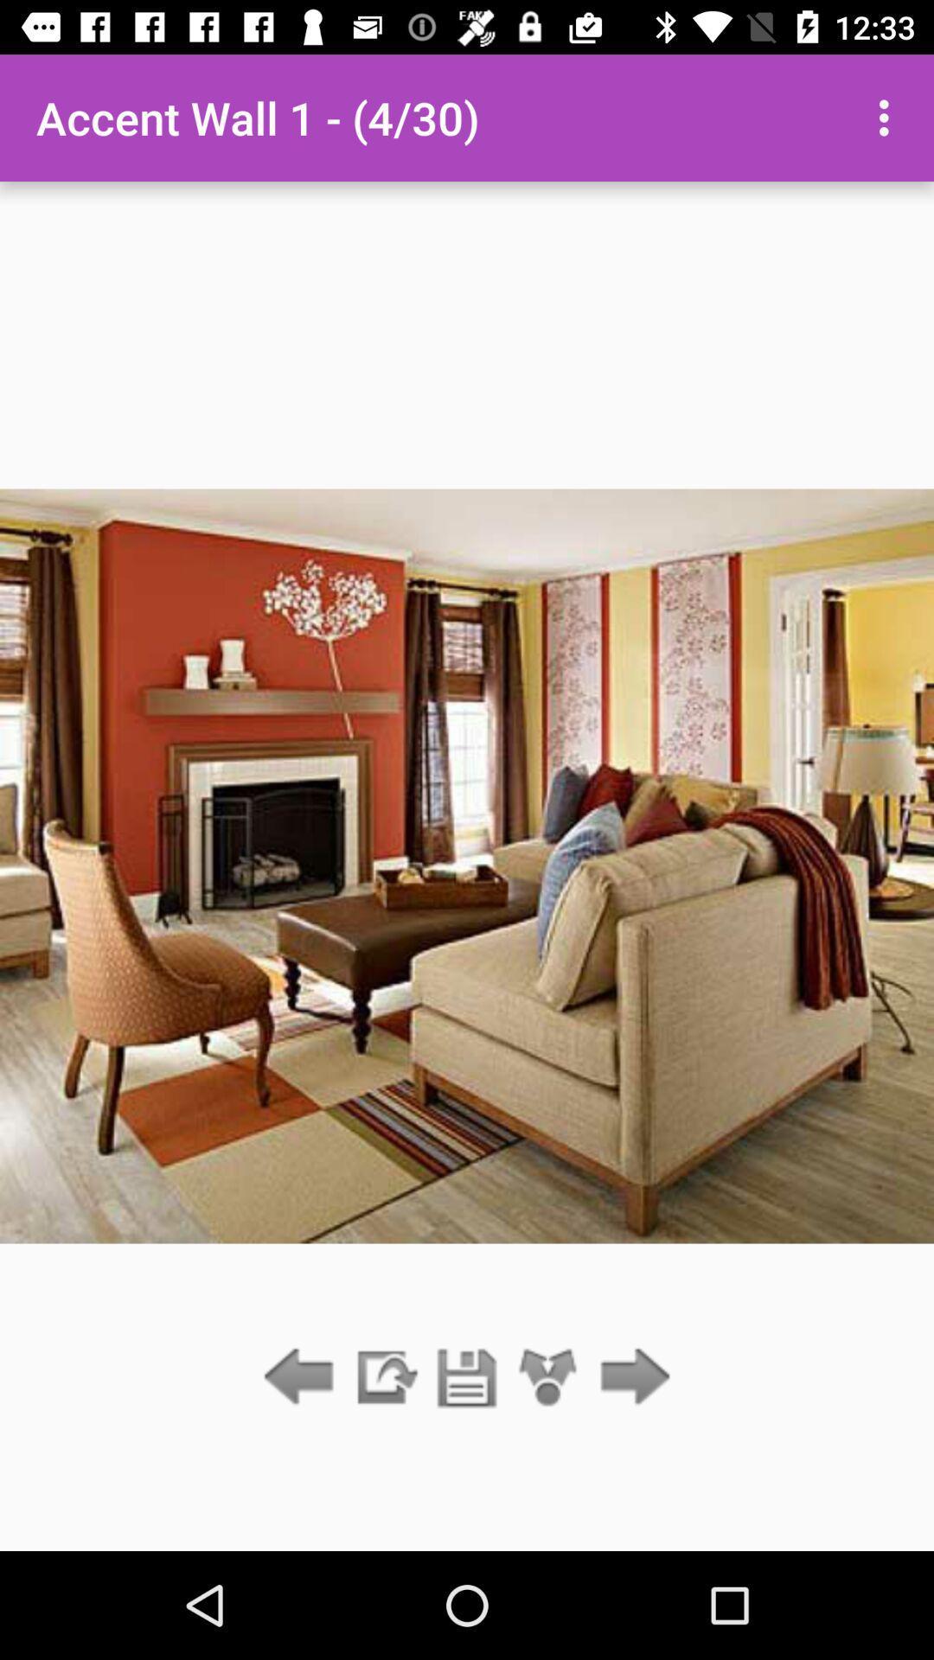 This screenshot has height=1660, width=934. Describe the element at coordinates (303, 1377) in the screenshot. I see `go back` at that location.